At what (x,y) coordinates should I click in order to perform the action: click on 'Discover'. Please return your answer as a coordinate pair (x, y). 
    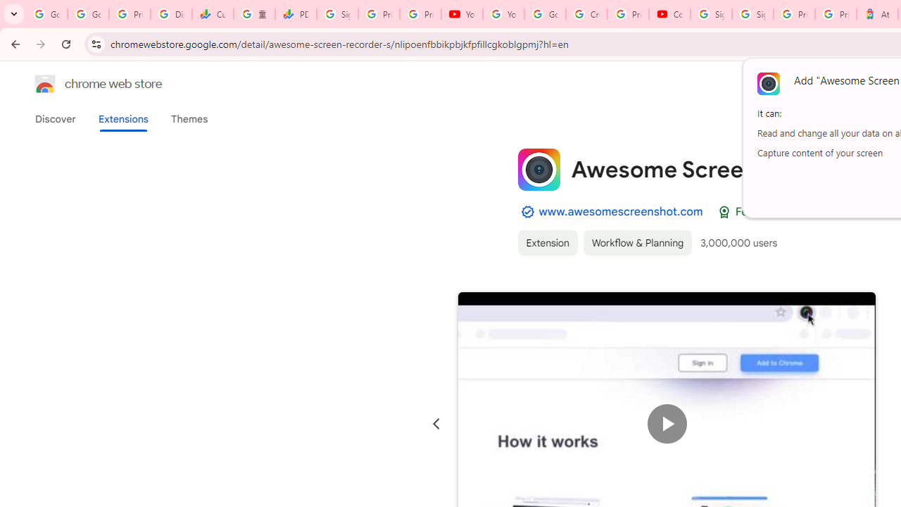
    Looking at the image, I should click on (56, 118).